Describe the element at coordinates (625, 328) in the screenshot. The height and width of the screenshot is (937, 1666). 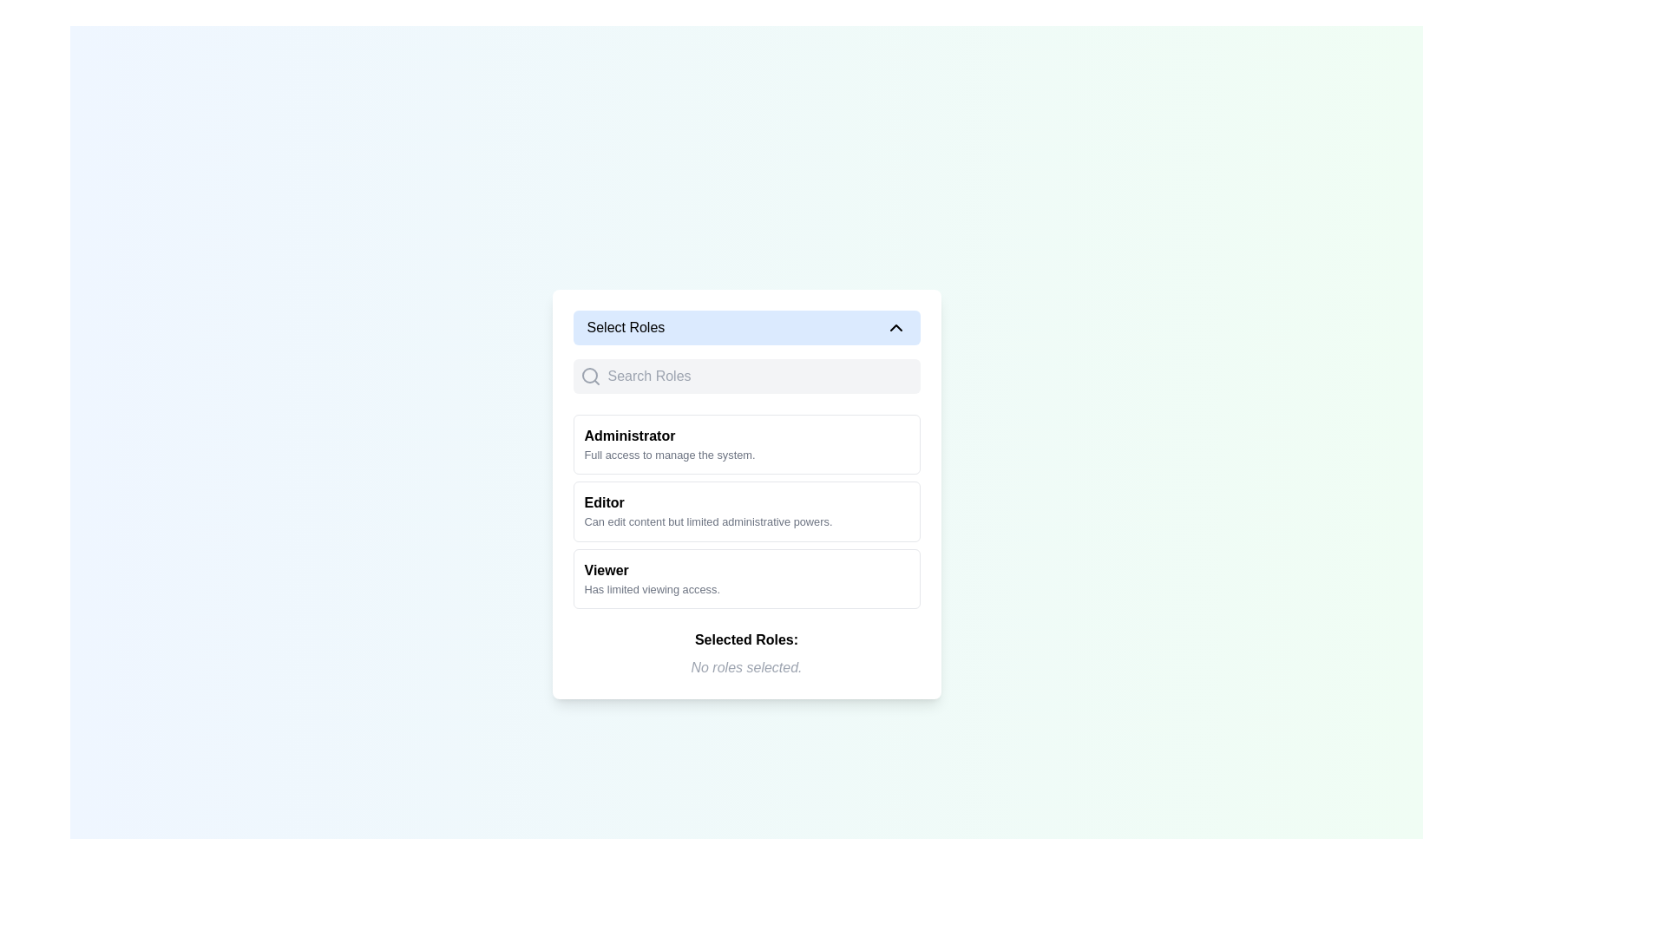
I see `the text label displaying 'Select Roles' in black font on a light blue background, positioned to the left of an arrow icon in the dropdown header` at that location.